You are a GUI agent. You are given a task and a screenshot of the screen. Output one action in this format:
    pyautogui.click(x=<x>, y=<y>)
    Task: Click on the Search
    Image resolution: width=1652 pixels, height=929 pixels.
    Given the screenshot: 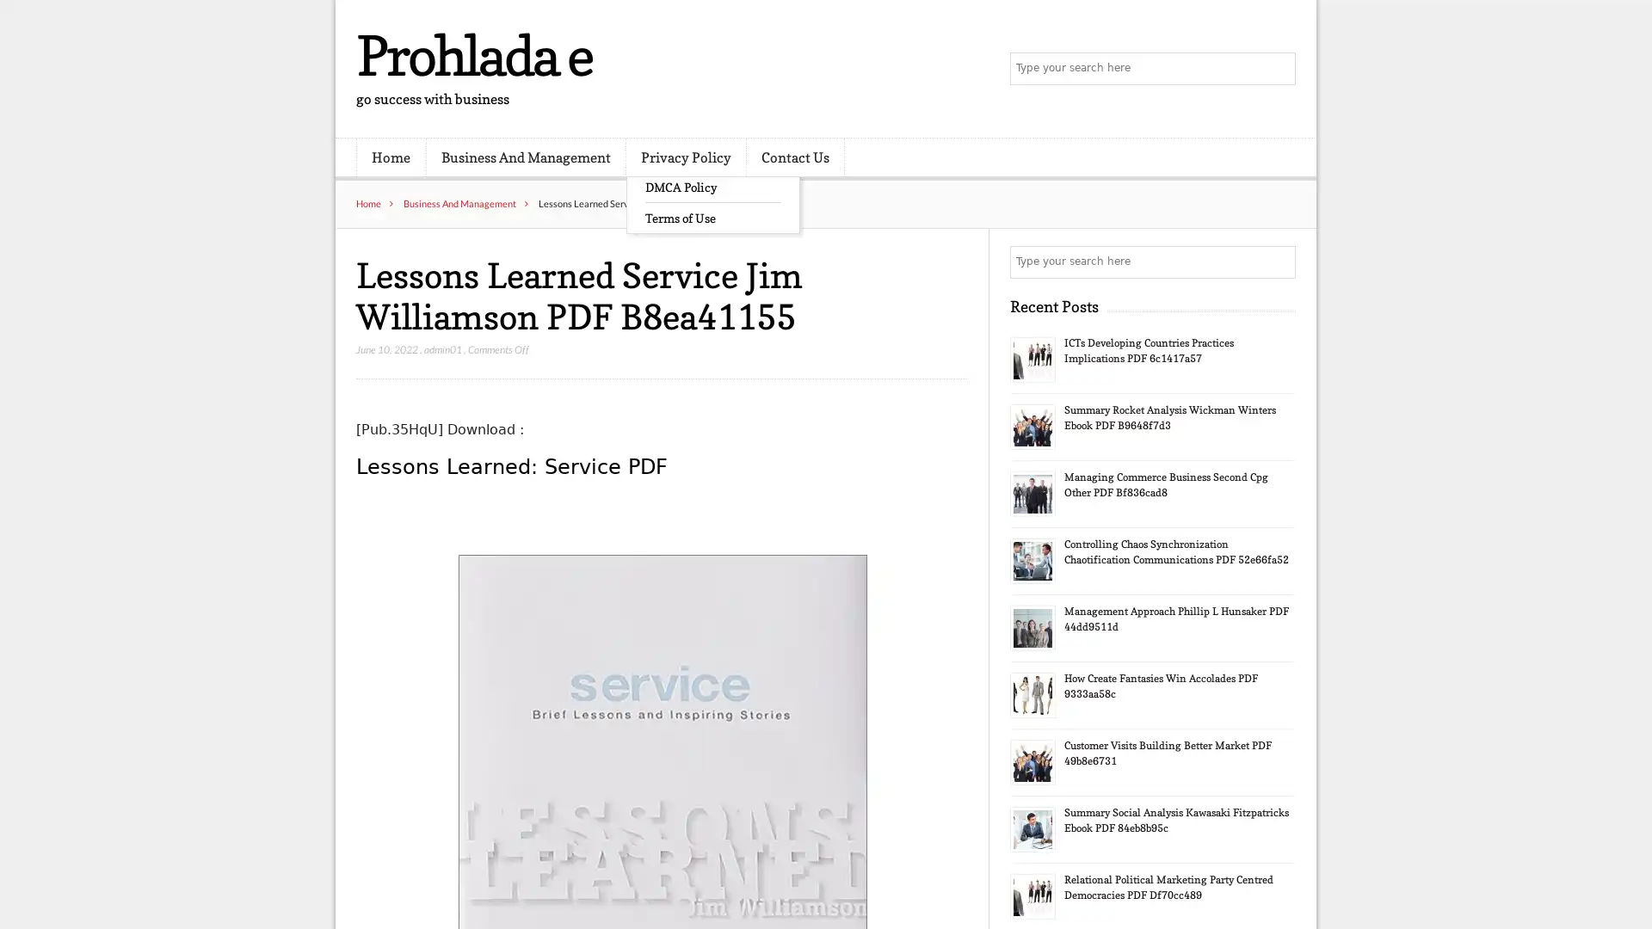 What is the action you would take?
    pyautogui.click(x=1278, y=69)
    